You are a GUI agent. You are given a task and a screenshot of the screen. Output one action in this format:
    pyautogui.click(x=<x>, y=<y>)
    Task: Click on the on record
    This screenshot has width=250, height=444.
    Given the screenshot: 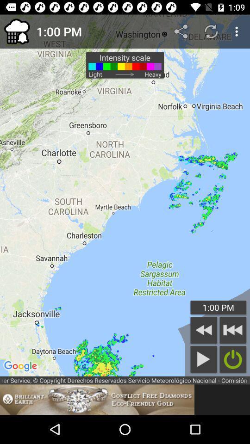 What is the action you would take?
    pyautogui.click(x=232, y=359)
    